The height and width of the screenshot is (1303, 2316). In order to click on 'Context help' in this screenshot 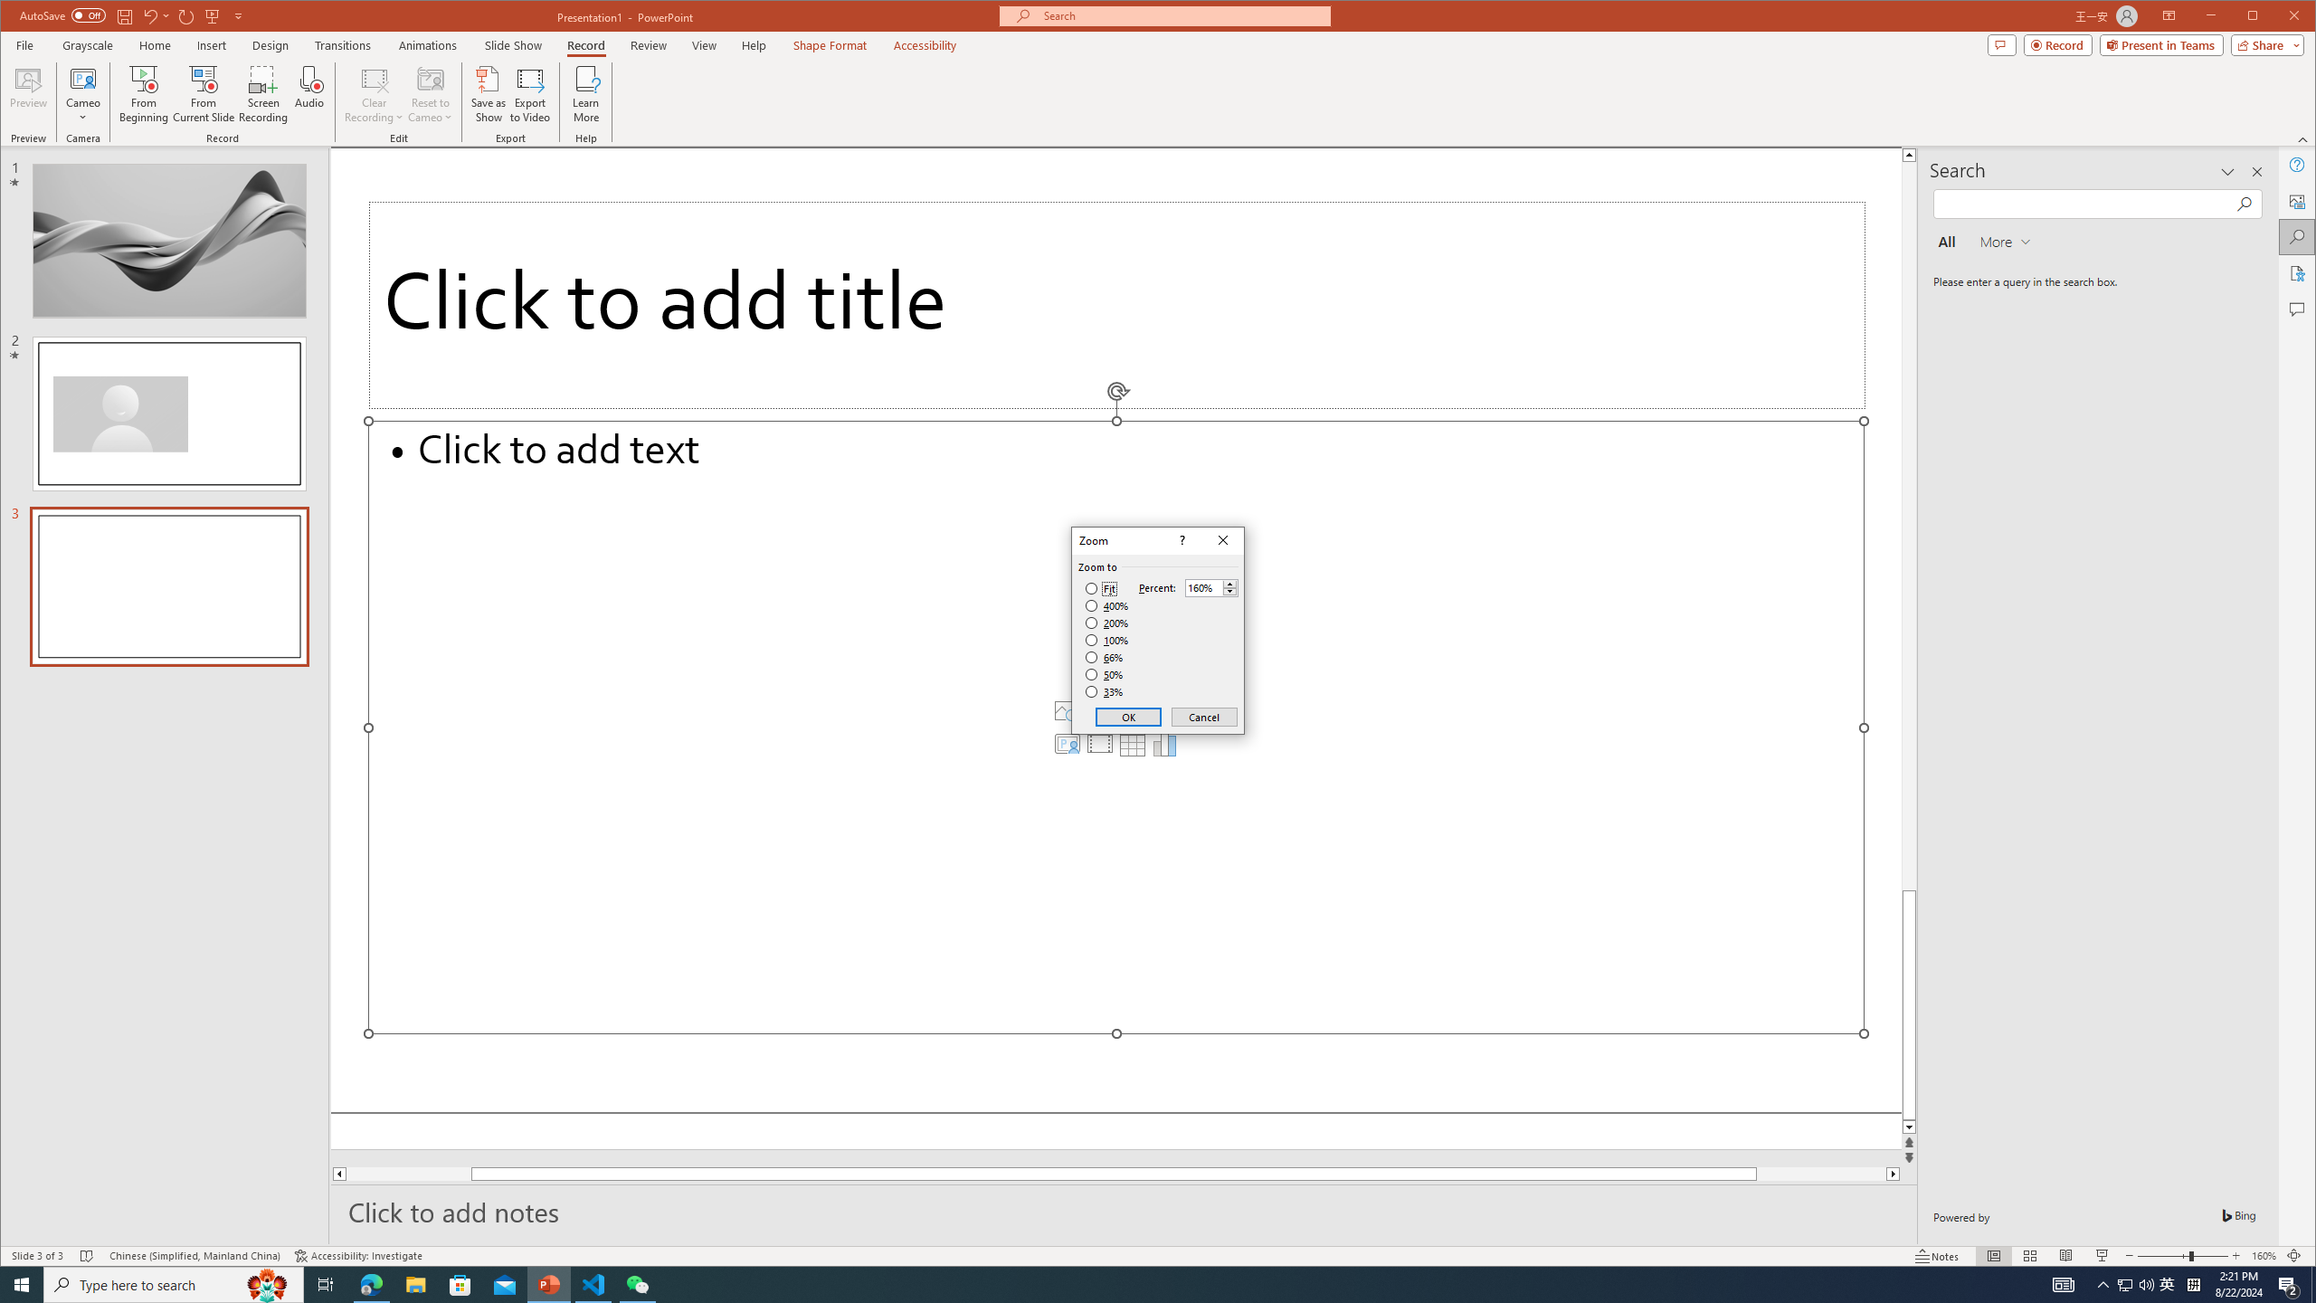, I will do `click(1180, 540)`.